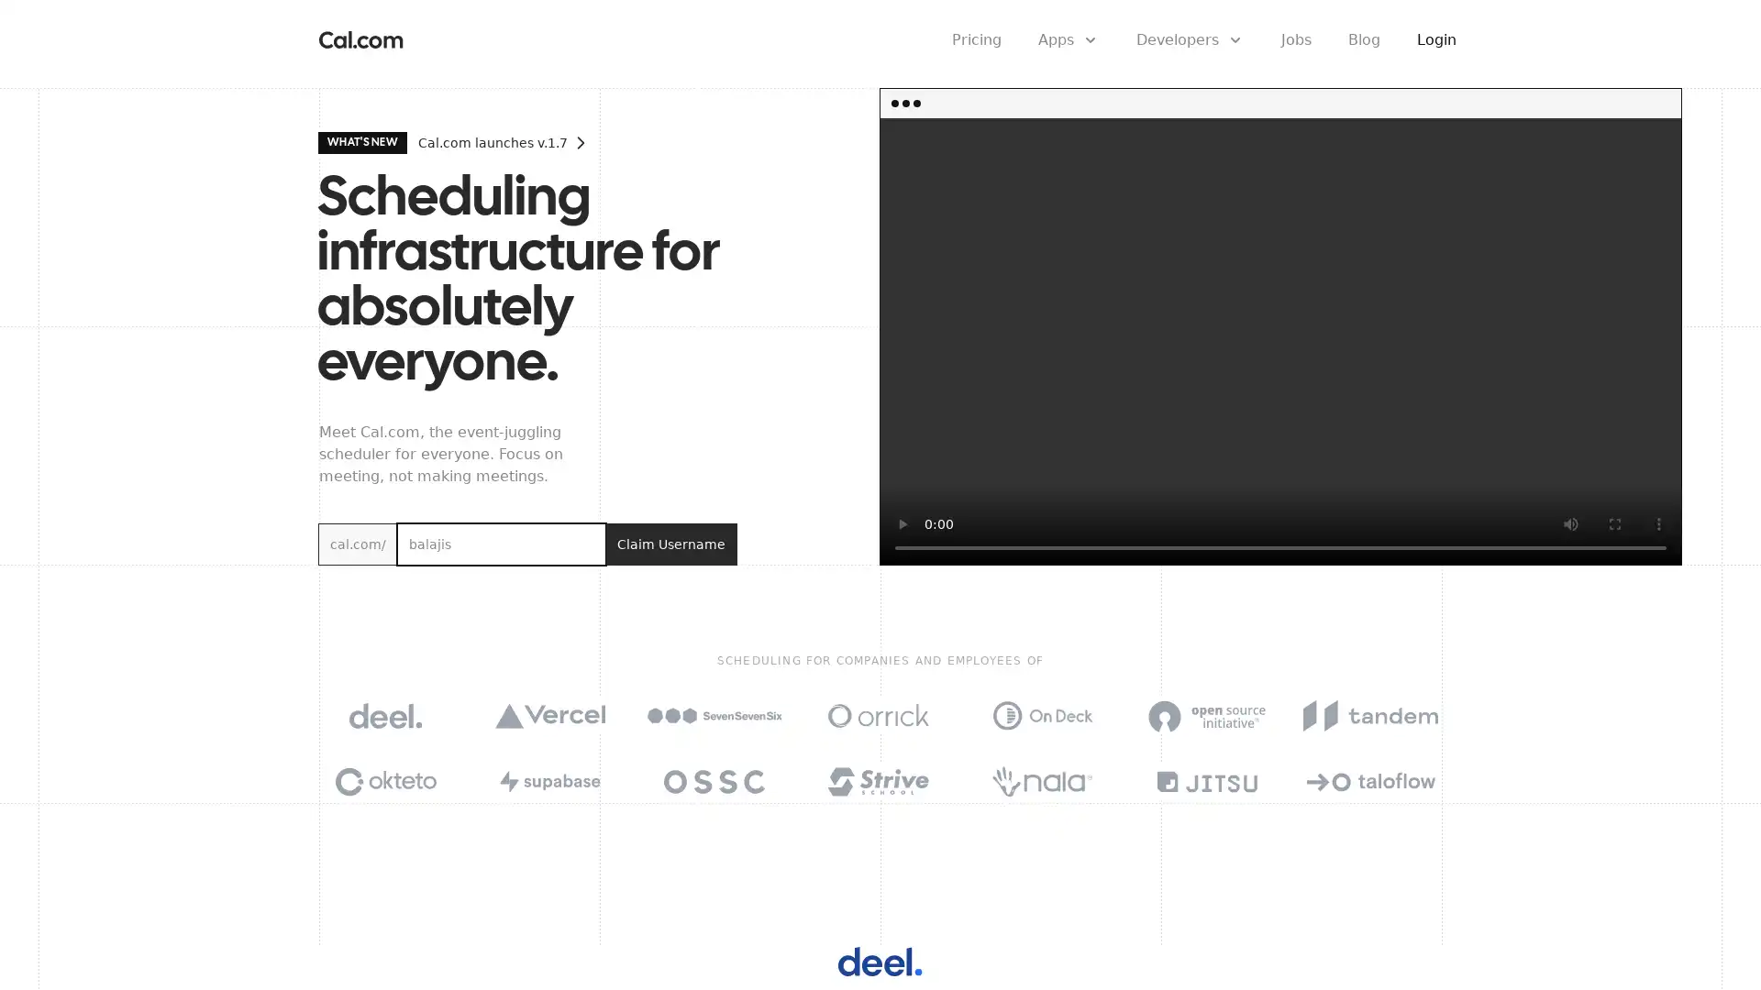 This screenshot has width=1761, height=990. Describe the element at coordinates (1190, 39) in the screenshot. I see `Developers` at that location.